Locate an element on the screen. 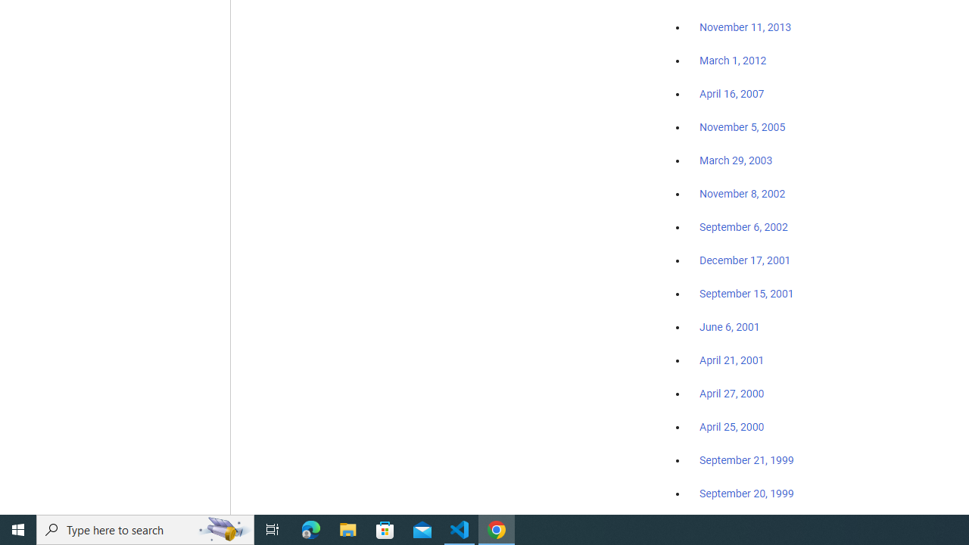 This screenshot has width=969, height=545. 'September 21, 1999' is located at coordinates (746, 459).